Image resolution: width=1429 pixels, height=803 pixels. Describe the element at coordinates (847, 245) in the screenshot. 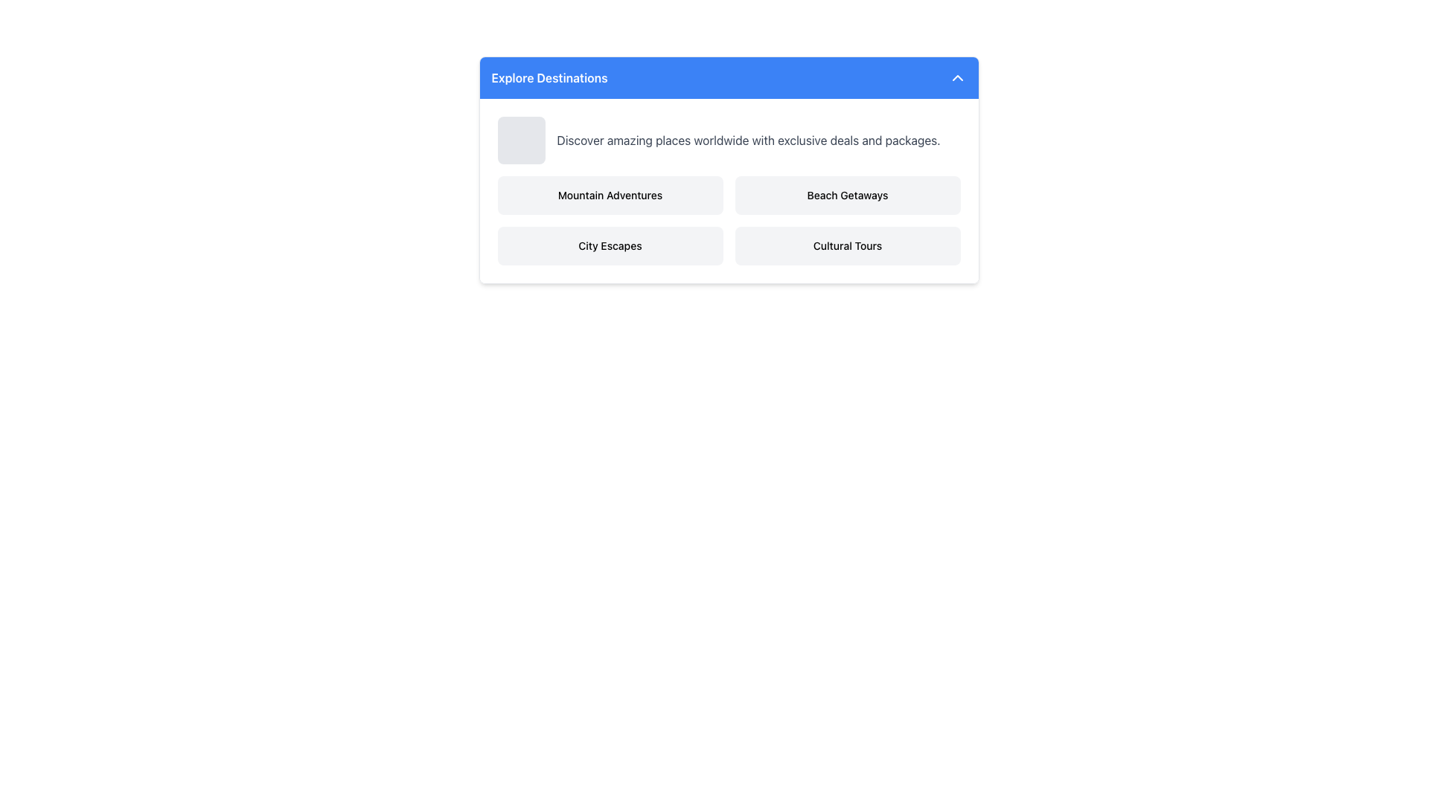

I see `the 'Cultural Tours' button, which is a rectangular button with a light gray background and black centered text, located in the bottom-right position of a grid of options` at that location.